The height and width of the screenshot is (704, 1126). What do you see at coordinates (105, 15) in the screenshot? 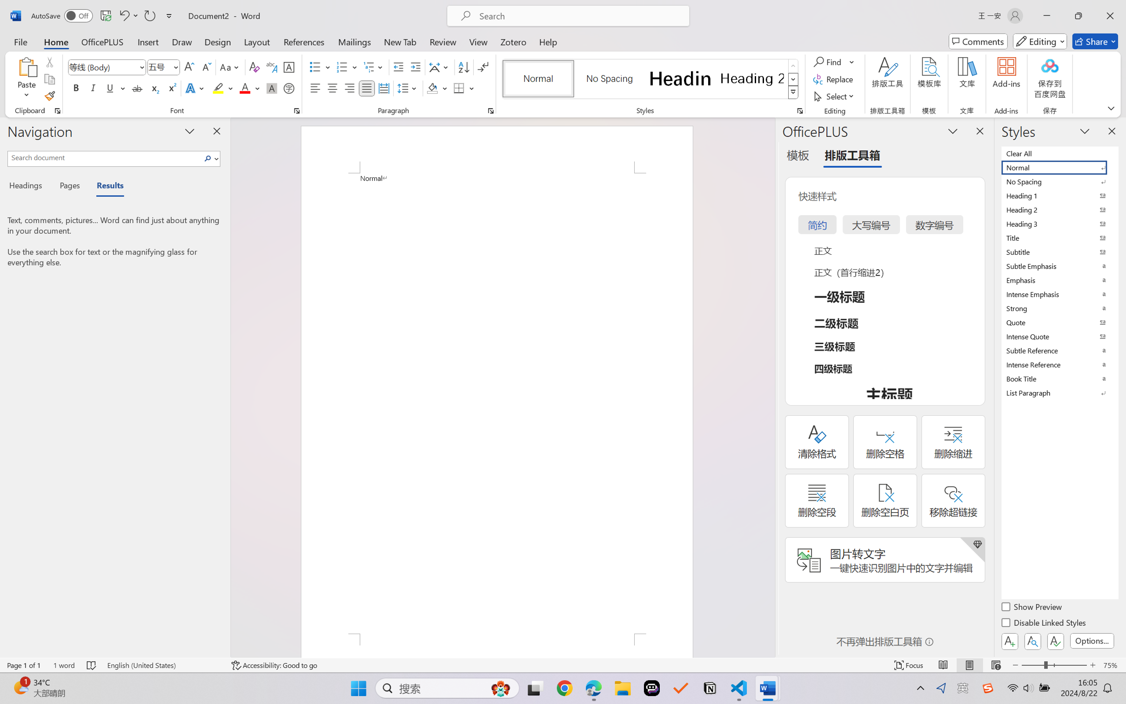
I see `'Save'` at bounding box center [105, 15].